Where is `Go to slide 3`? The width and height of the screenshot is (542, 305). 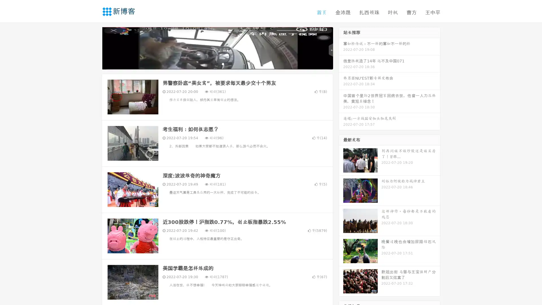 Go to slide 3 is located at coordinates (223, 64).